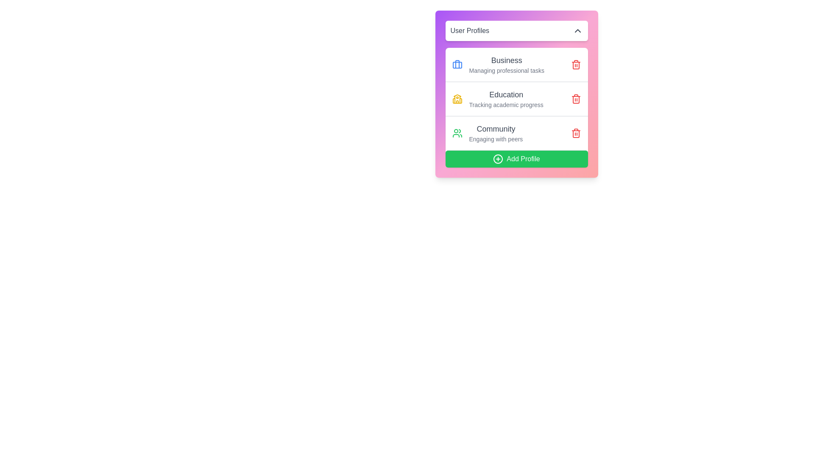  I want to click on the 'Education' section title text label, which is the second entry in the vertical list of user profiles, positioned between 'Business' and 'Community', so click(506, 94).